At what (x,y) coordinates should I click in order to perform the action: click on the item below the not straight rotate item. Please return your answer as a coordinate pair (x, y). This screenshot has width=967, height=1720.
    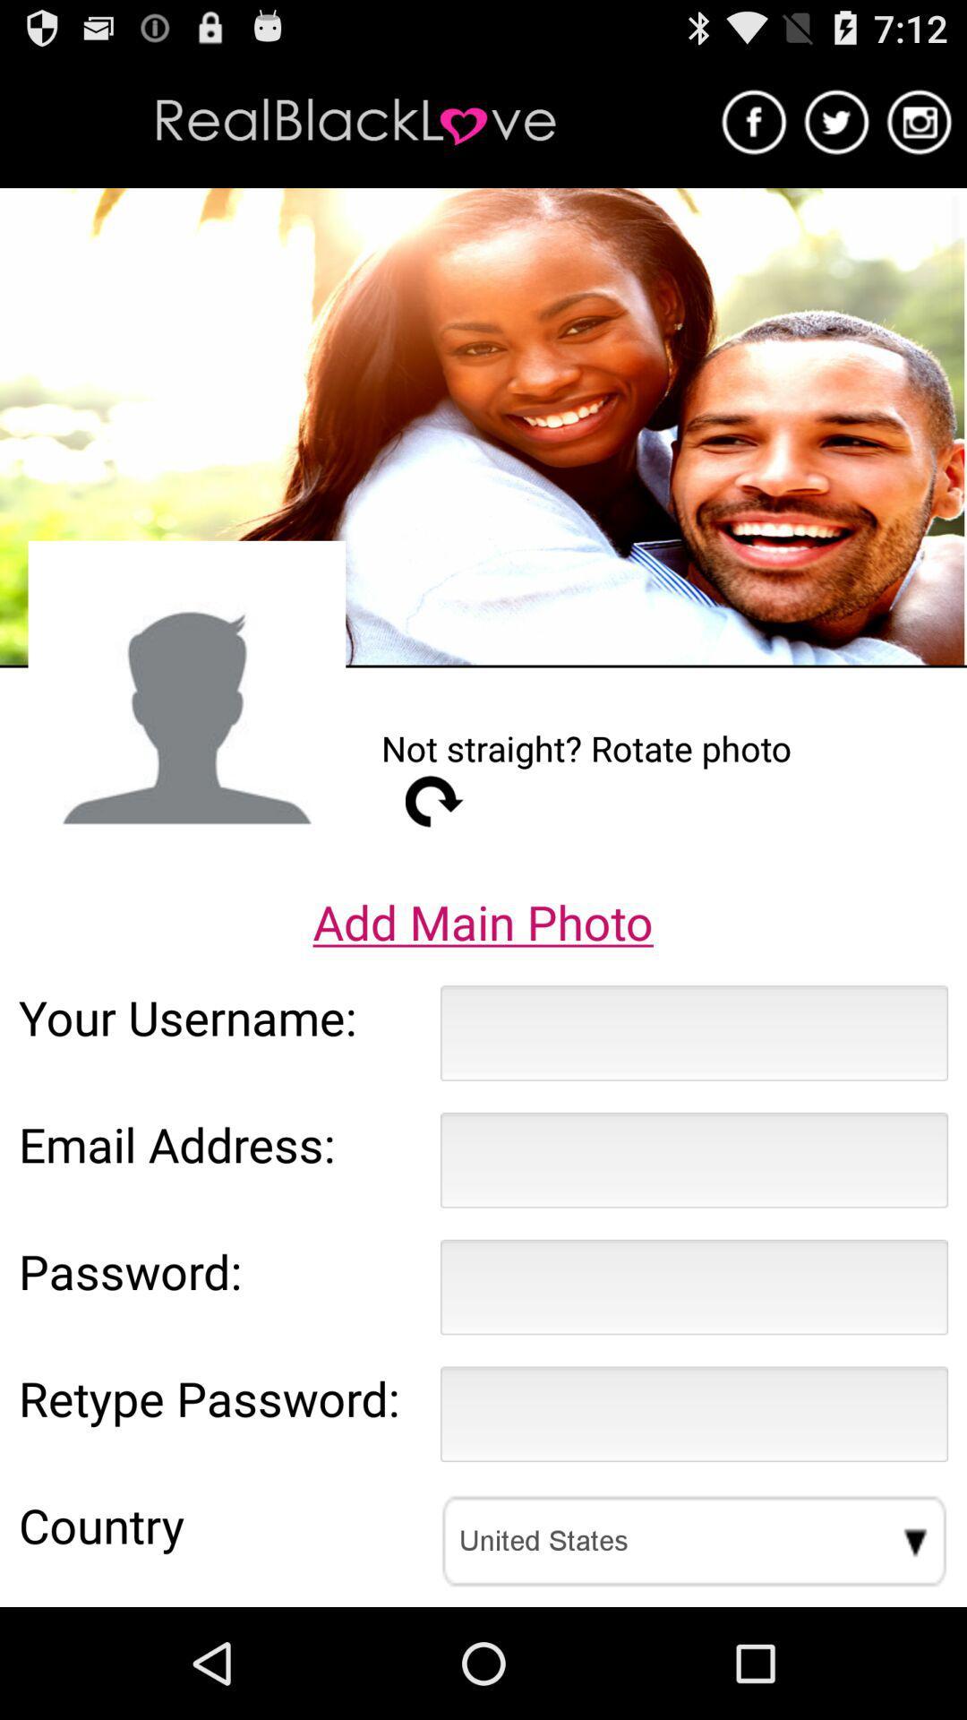
    Looking at the image, I should click on (434, 800).